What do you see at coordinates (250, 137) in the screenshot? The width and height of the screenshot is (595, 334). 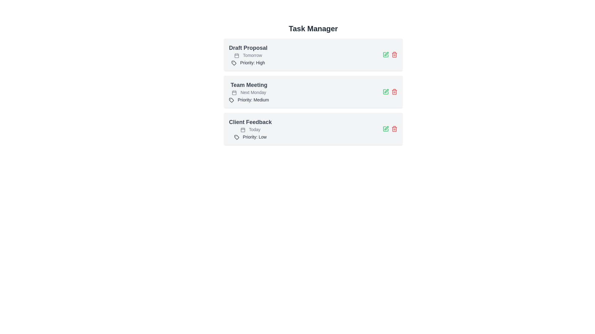 I see `the Text label with an accompanying icon indicating the priority level for 'Client Feedback', located below the 'Today' timestamp in the 'Client Feedback' section` at bounding box center [250, 137].